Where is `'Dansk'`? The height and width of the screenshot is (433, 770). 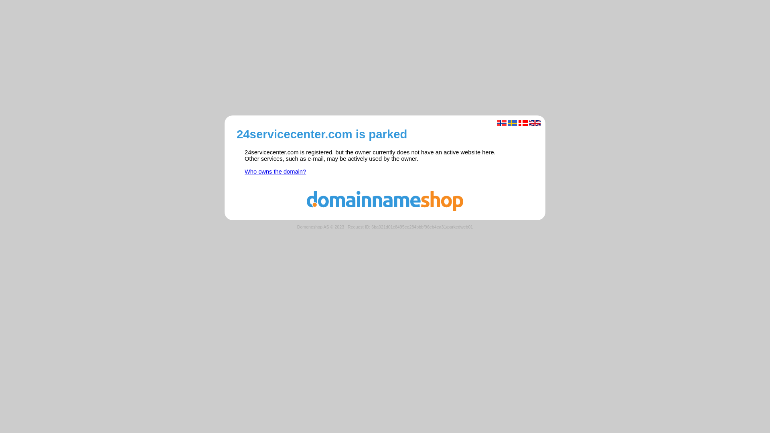 'Dansk' is located at coordinates (523, 123).